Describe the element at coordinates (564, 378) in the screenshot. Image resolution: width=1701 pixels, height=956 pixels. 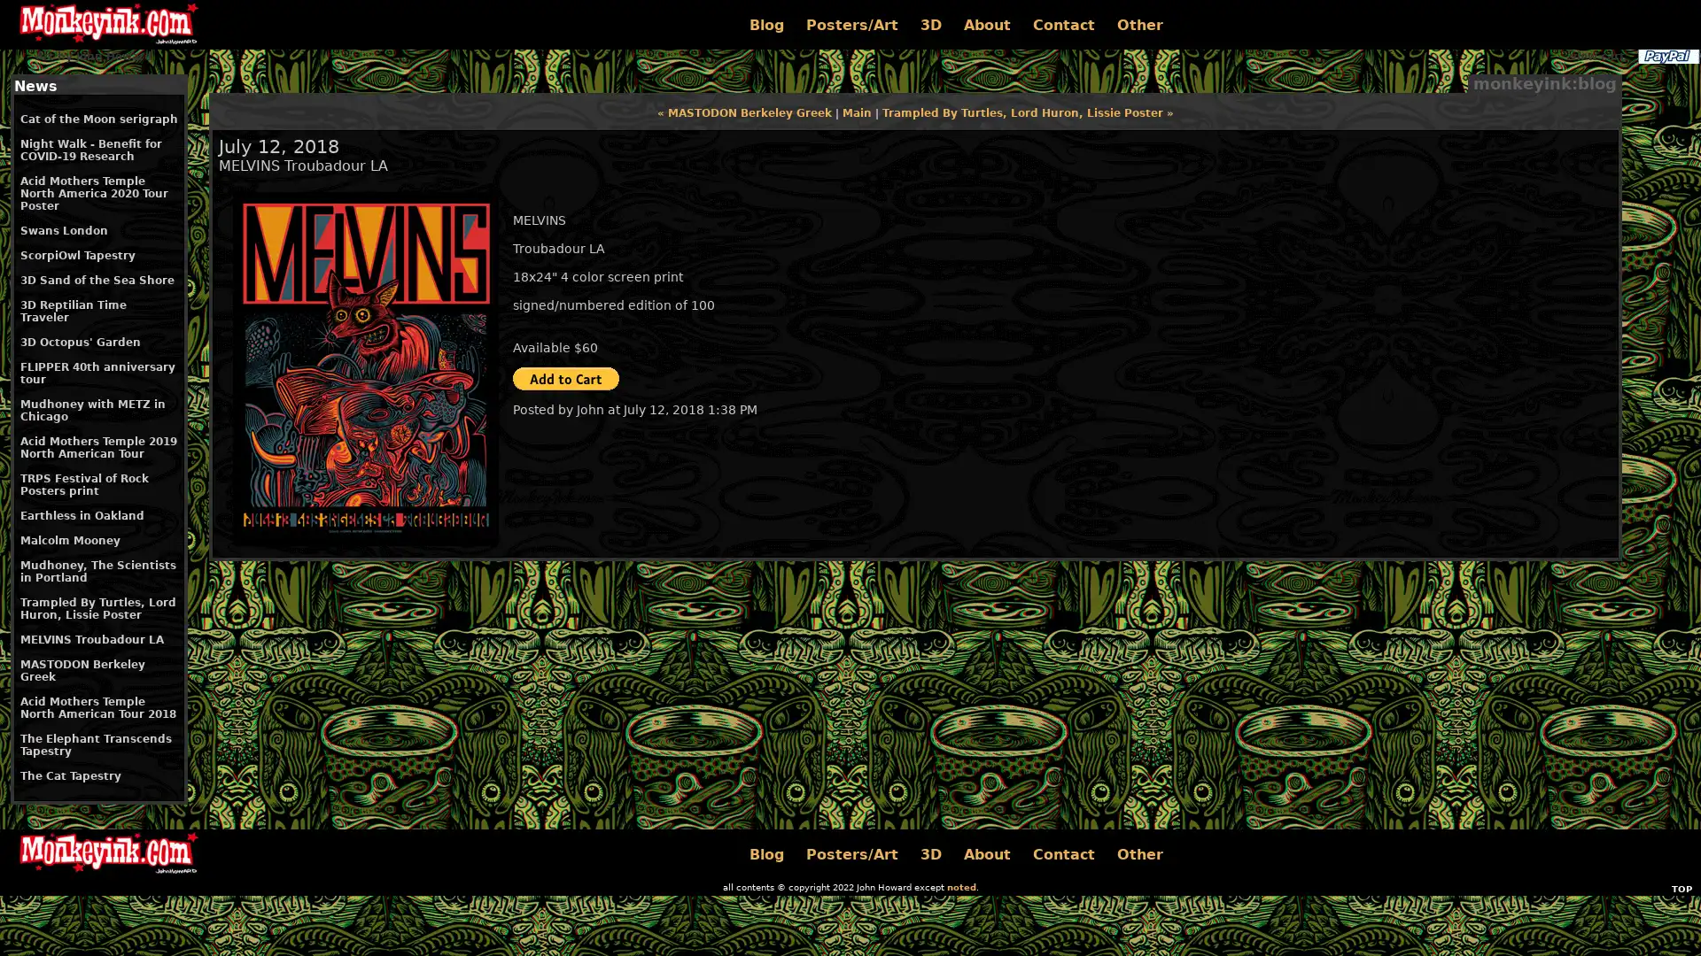
I see `PayPal - The safer, easier way to pay online!` at that location.